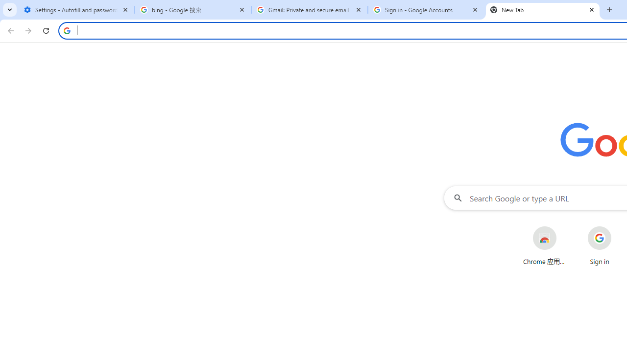 The height and width of the screenshot is (352, 627). What do you see at coordinates (426, 10) in the screenshot?
I see `'Sign in - Google Accounts'` at bounding box center [426, 10].